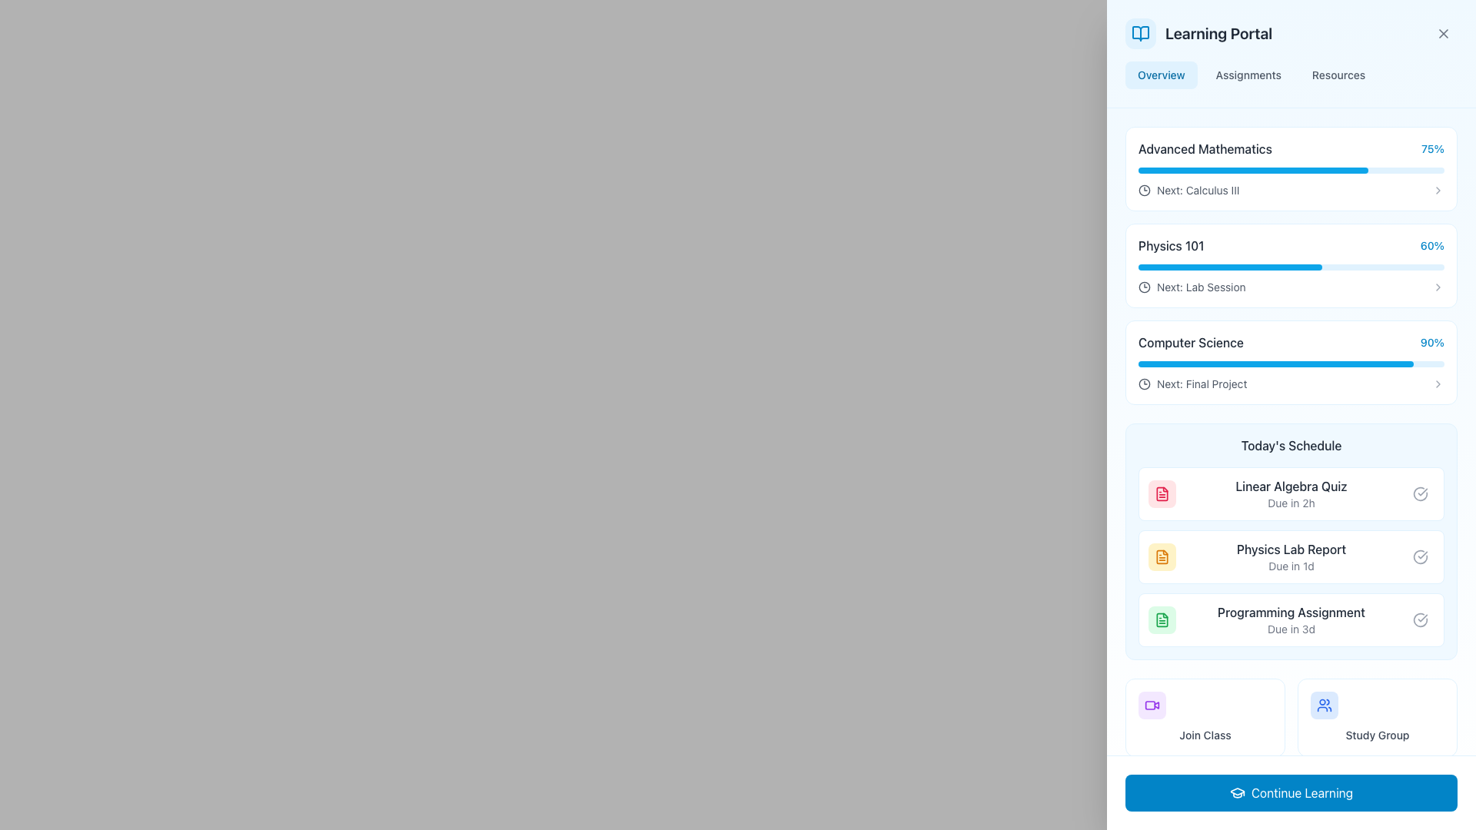 The width and height of the screenshot is (1476, 830). I want to click on the list item titled 'Programming Assignment' with the subtitle 'Due in 3d', which is the third item in 'Today's Schedule' and visually distinct with a green left indicator, so click(1291, 619).